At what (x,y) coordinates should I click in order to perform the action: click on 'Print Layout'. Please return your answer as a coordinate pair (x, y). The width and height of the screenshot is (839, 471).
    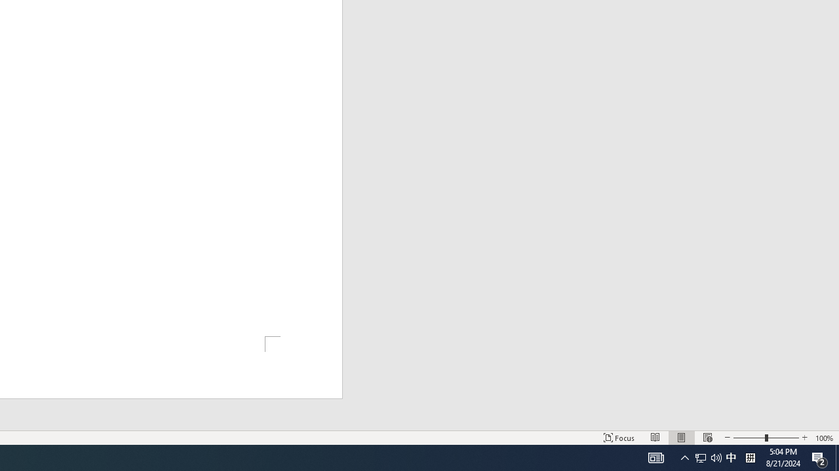
    Looking at the image, I should click on (682, 438).